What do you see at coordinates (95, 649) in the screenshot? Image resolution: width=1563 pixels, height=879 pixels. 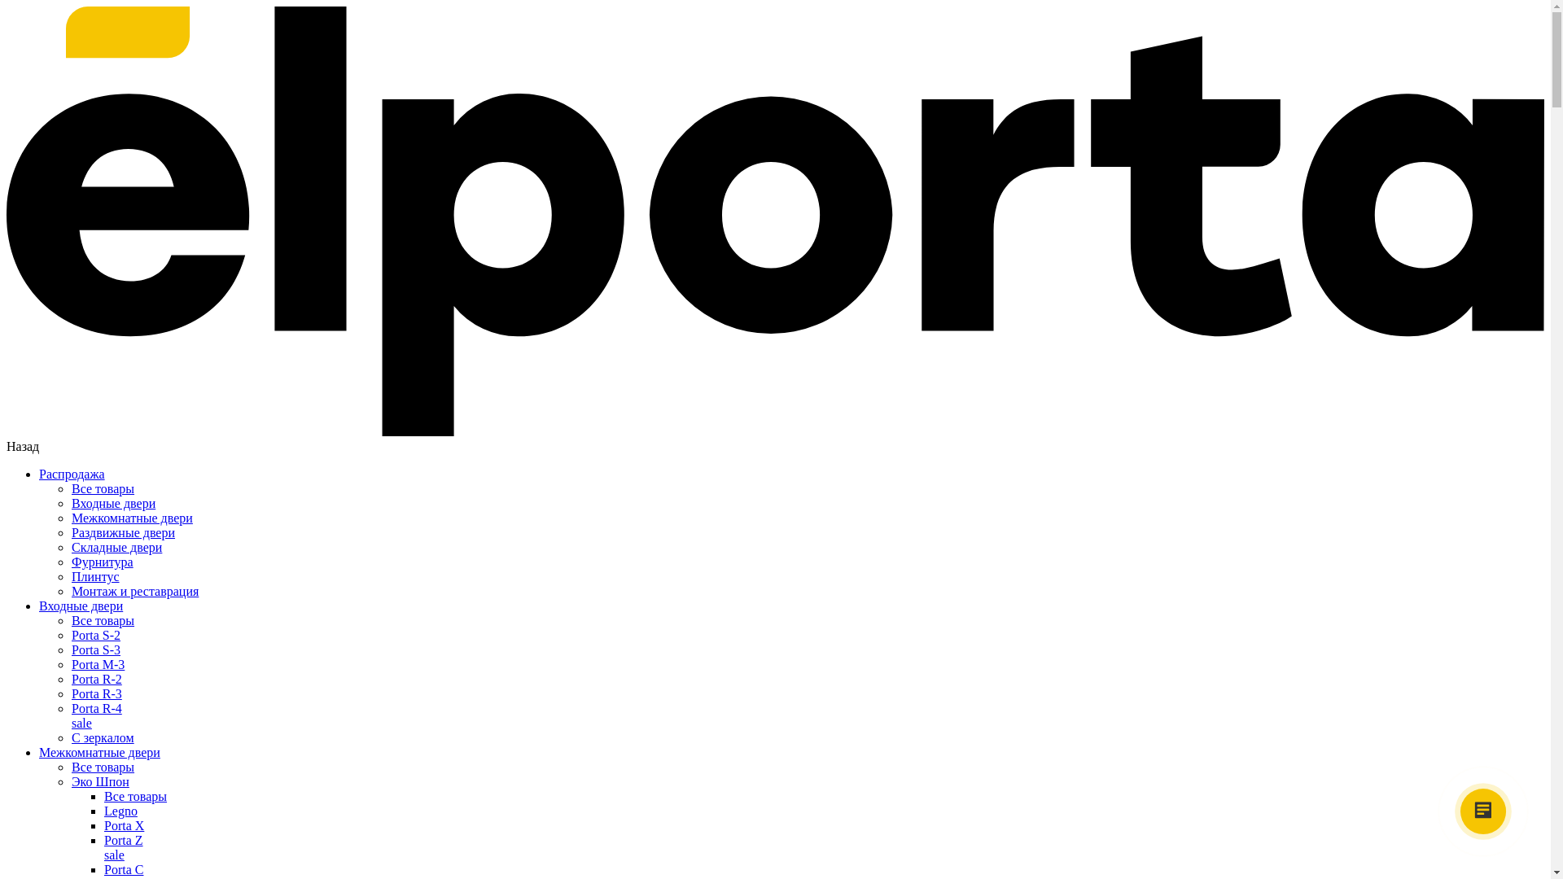 I see `'Porta S-3'` at bounding box center [95, 649].